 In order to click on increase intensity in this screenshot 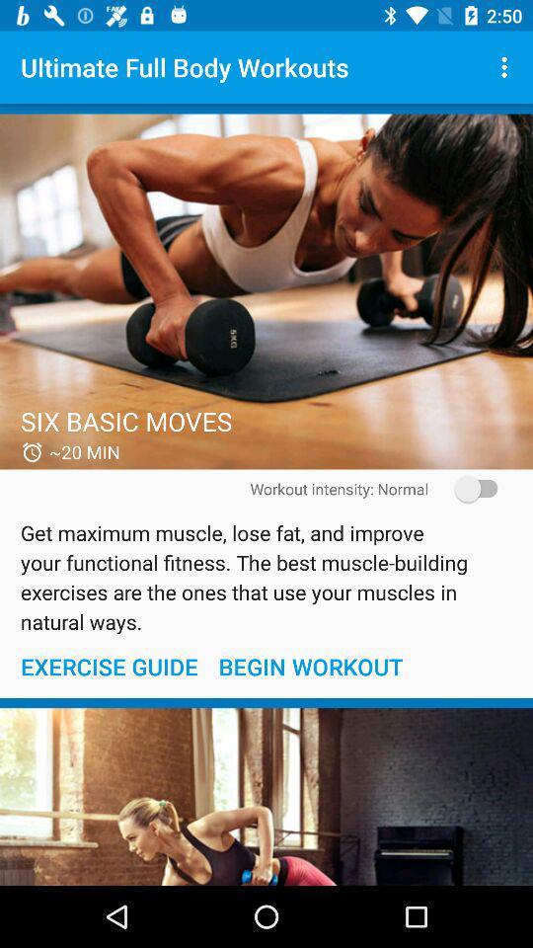, I will do `click(469, 488)`.